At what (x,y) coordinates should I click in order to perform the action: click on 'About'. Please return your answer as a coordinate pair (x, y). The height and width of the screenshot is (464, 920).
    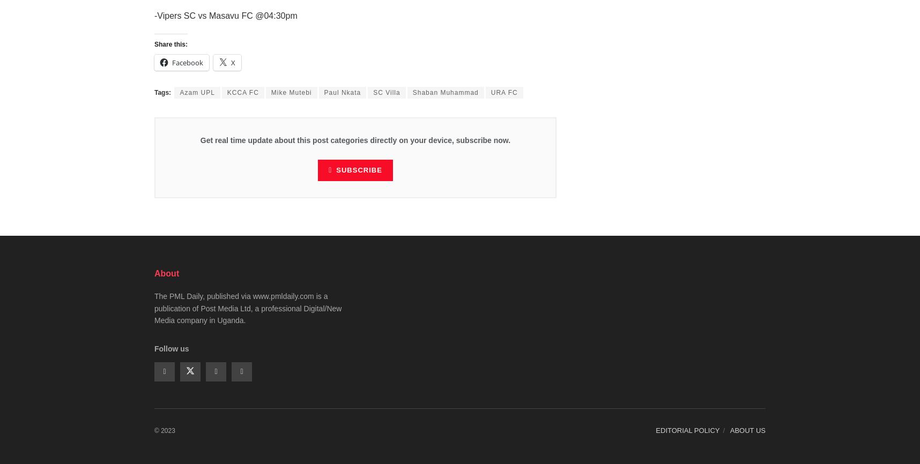
    Looking at the image, I should click on (153, 273).